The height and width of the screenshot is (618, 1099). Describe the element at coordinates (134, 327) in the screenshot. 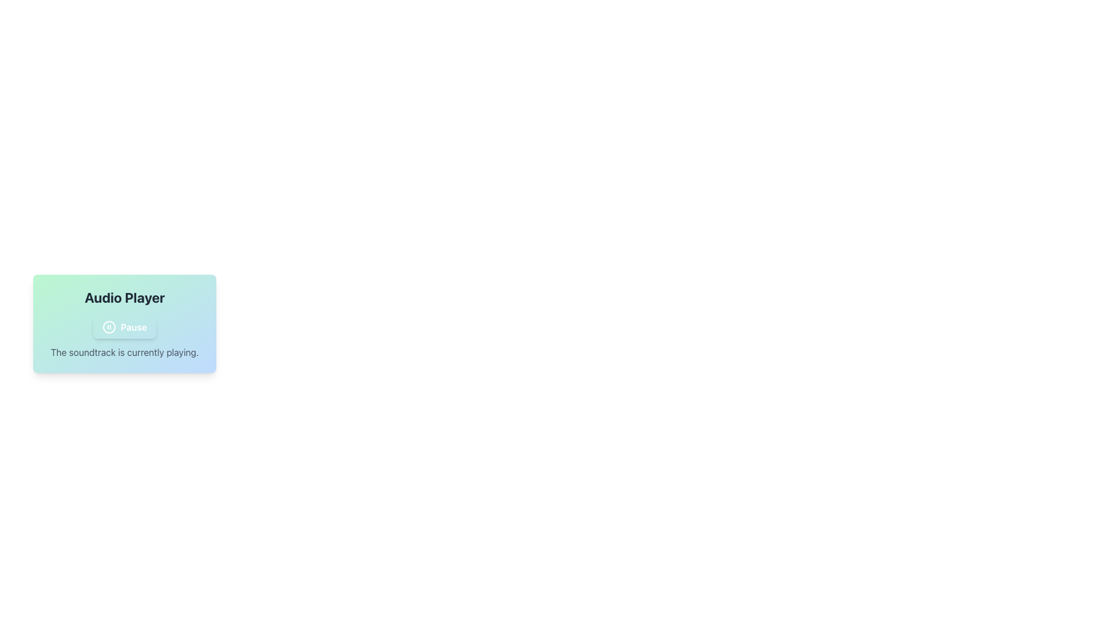

I see `the button labeled with the text indicating functionality` at that location.